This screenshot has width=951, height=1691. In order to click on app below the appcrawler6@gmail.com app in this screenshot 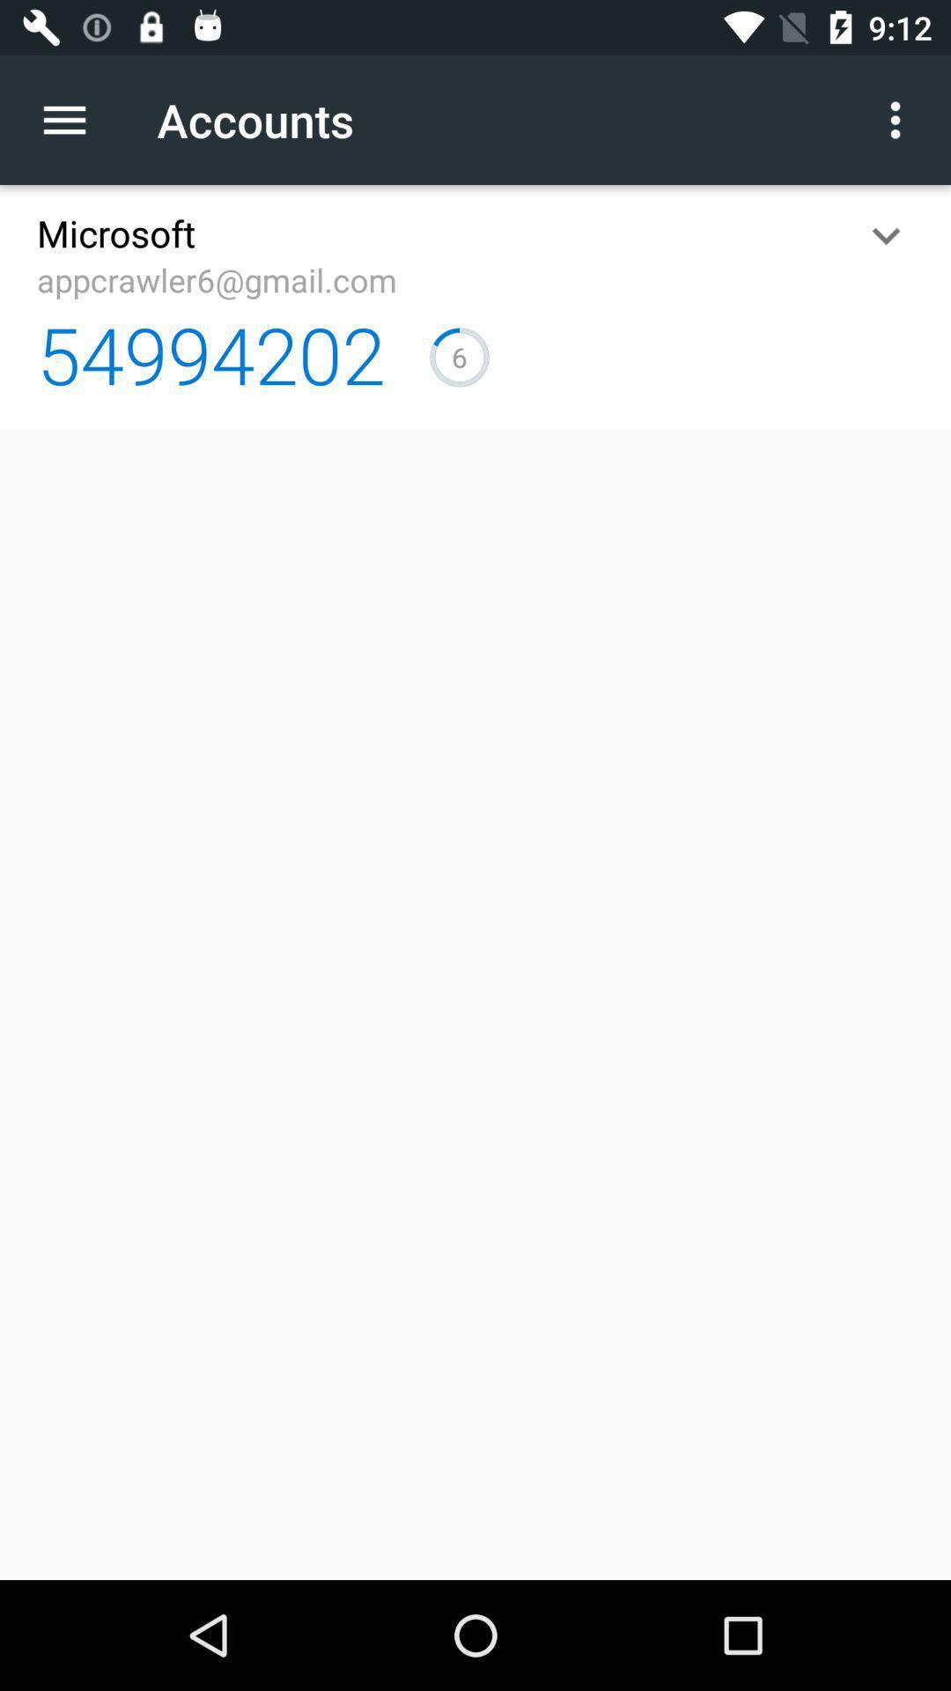, I will do `click(210, 353)`.